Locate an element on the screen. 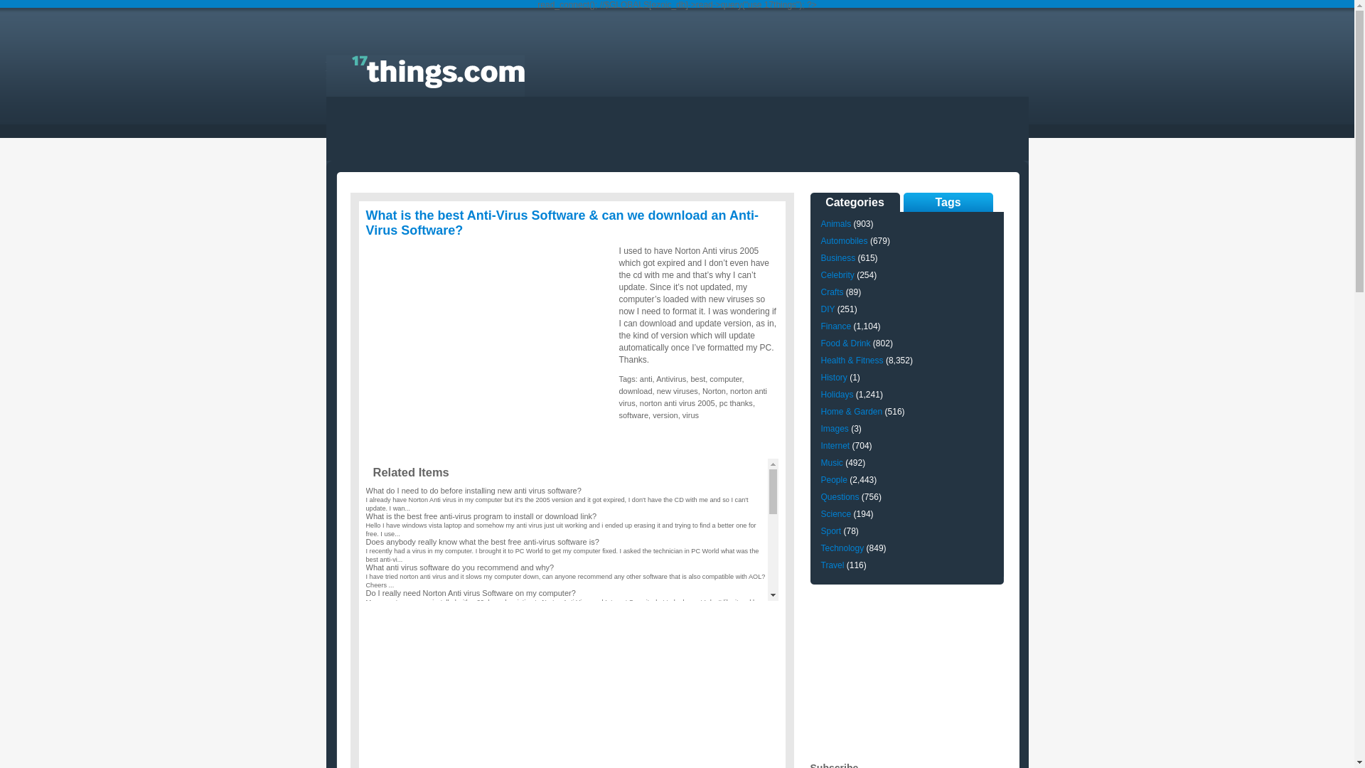  'Travel' is located at coordinates (832, 564).